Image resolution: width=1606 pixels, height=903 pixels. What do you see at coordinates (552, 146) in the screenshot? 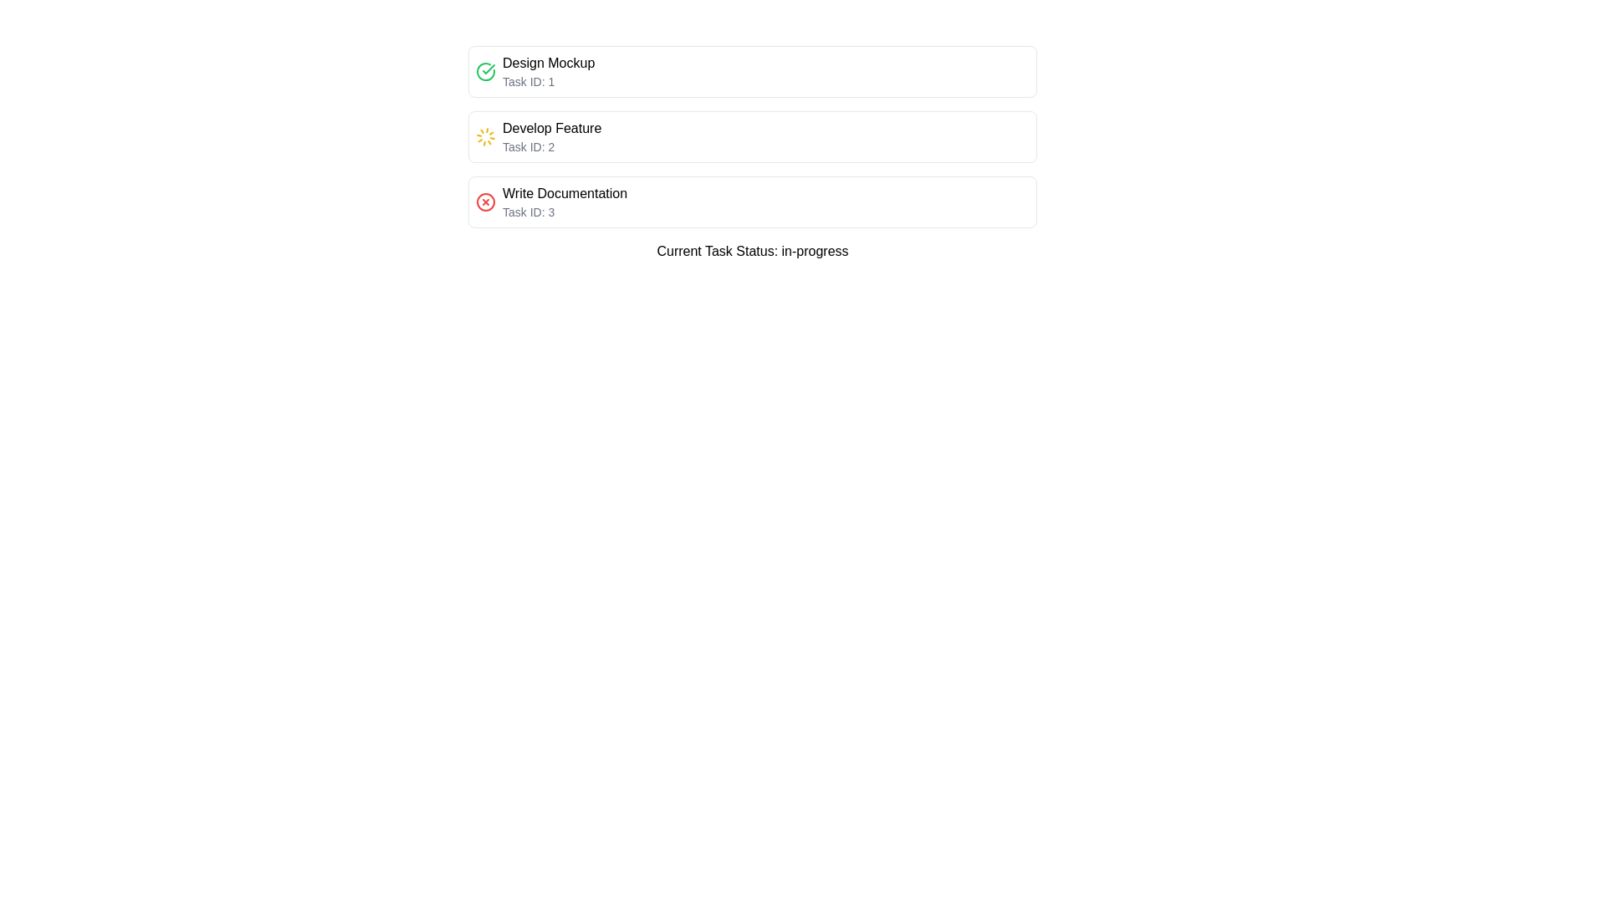
I see `text displaying 'Task ID: 2', which is a smaller gray font positioned below 'Develop Feature'` at bounding box center [552, 146].